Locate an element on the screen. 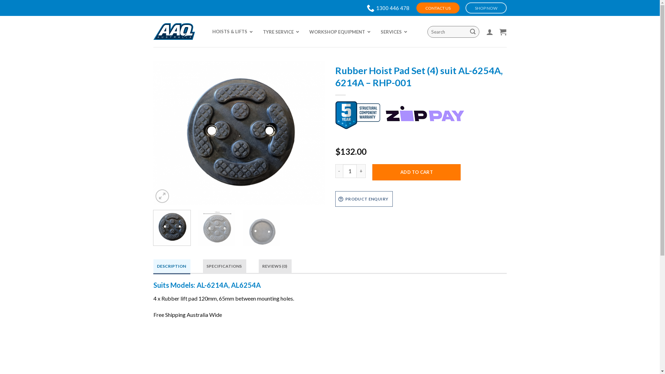 The width and height of the screenshot is (665, 374). 'PRODUCT ENQUIRY' is located at coordinates (364, 199).